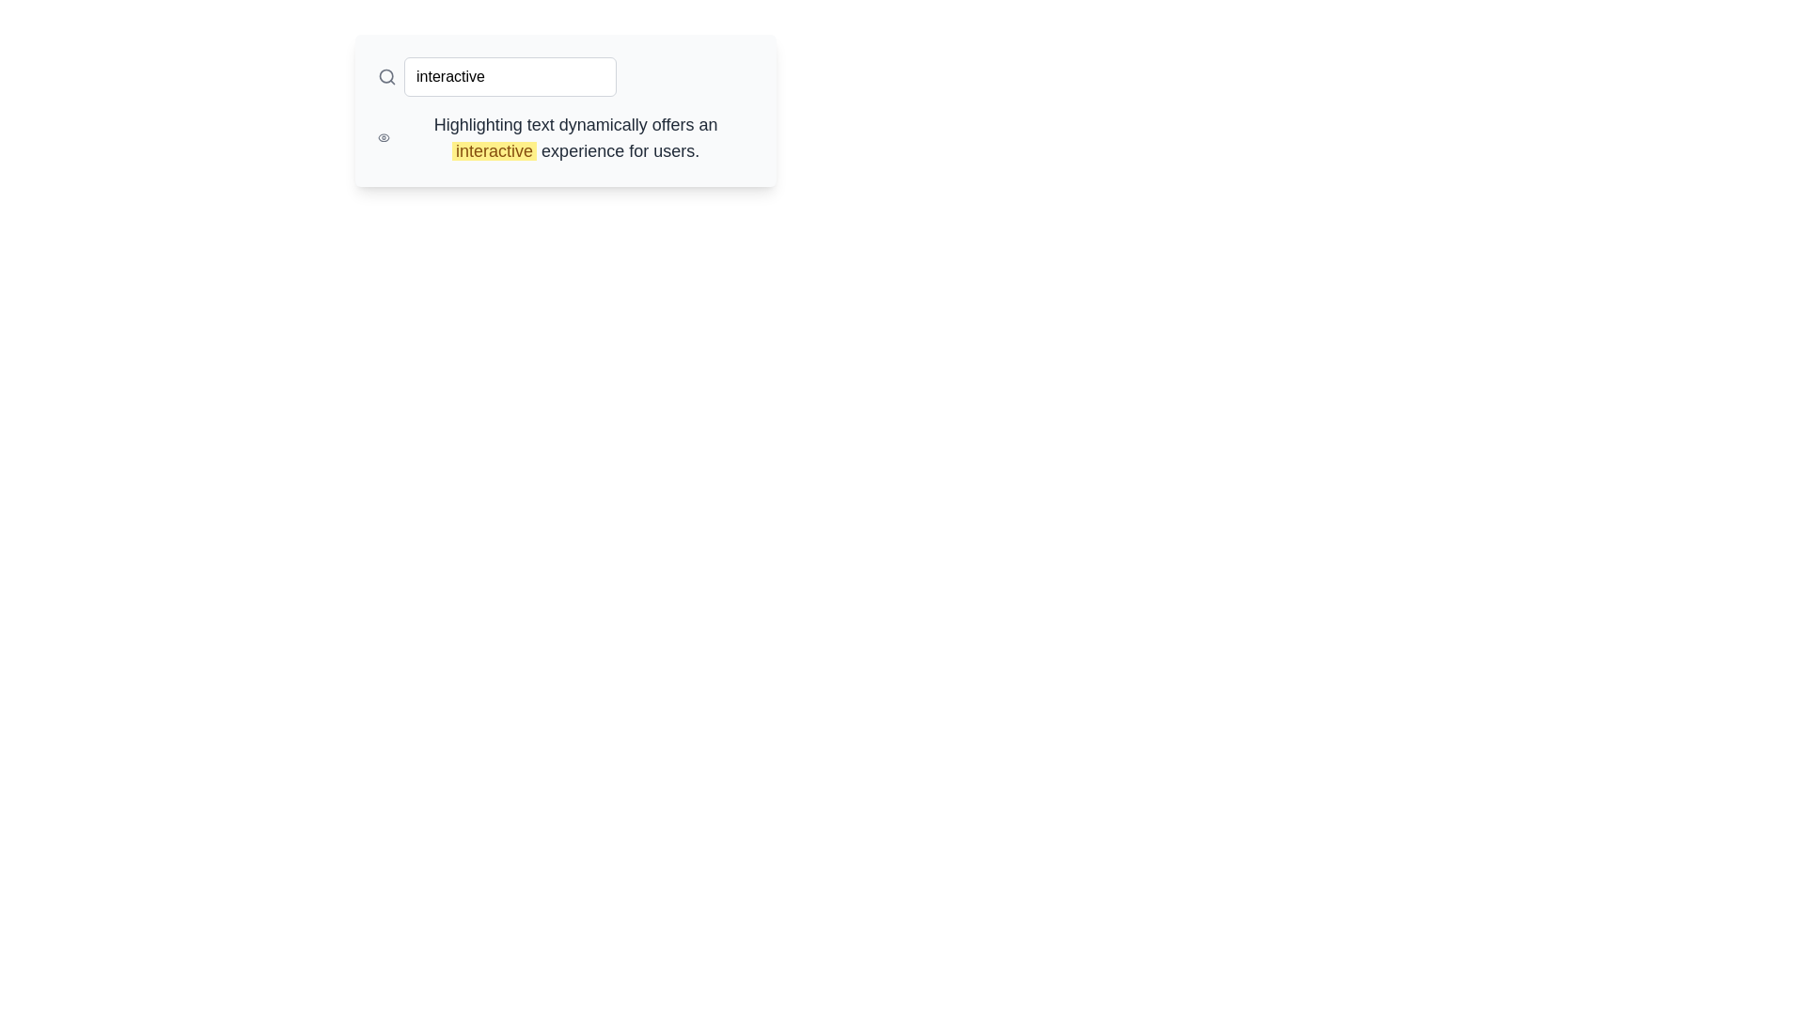 Image resolution: width=1805 pixels, height=1015 pixels. Describe the element at coordinates (564, 136) in the screenshot. I see `text content of the Text Display Component located directly below the search bar, which contains the string 'Highlighting text dynamically offers an interactive experience for users.'` at that location.